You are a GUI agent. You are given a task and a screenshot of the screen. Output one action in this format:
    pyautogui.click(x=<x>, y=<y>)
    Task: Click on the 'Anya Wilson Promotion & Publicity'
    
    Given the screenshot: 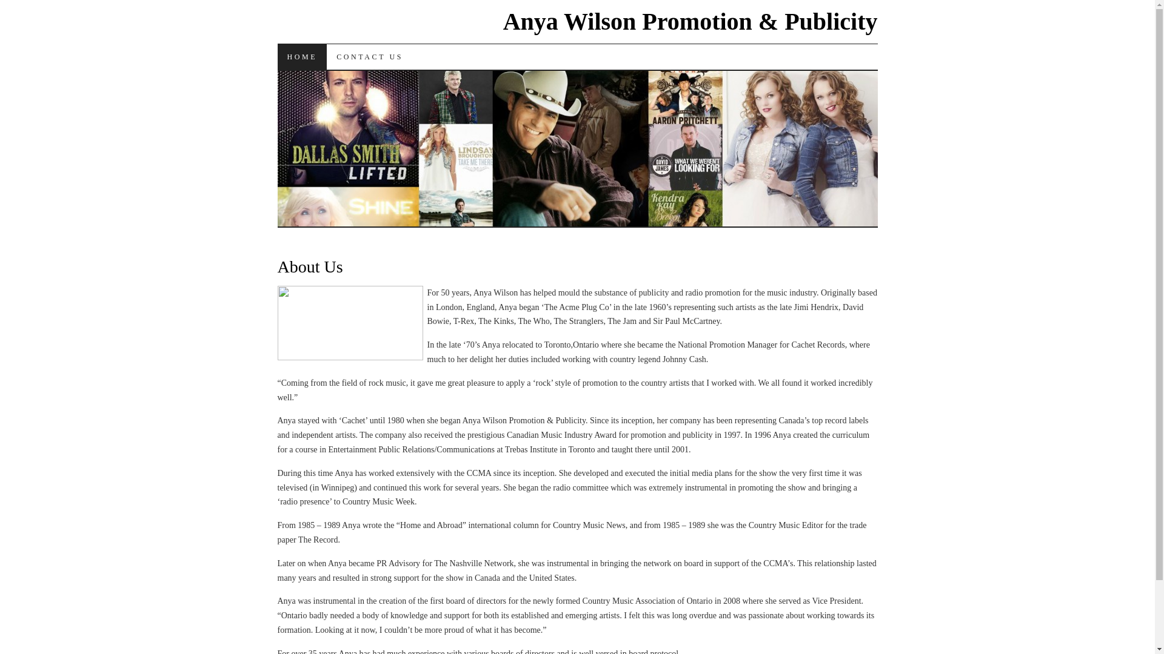 What is the action you would take?
    pyautogui.click(x=690, y=21)
    